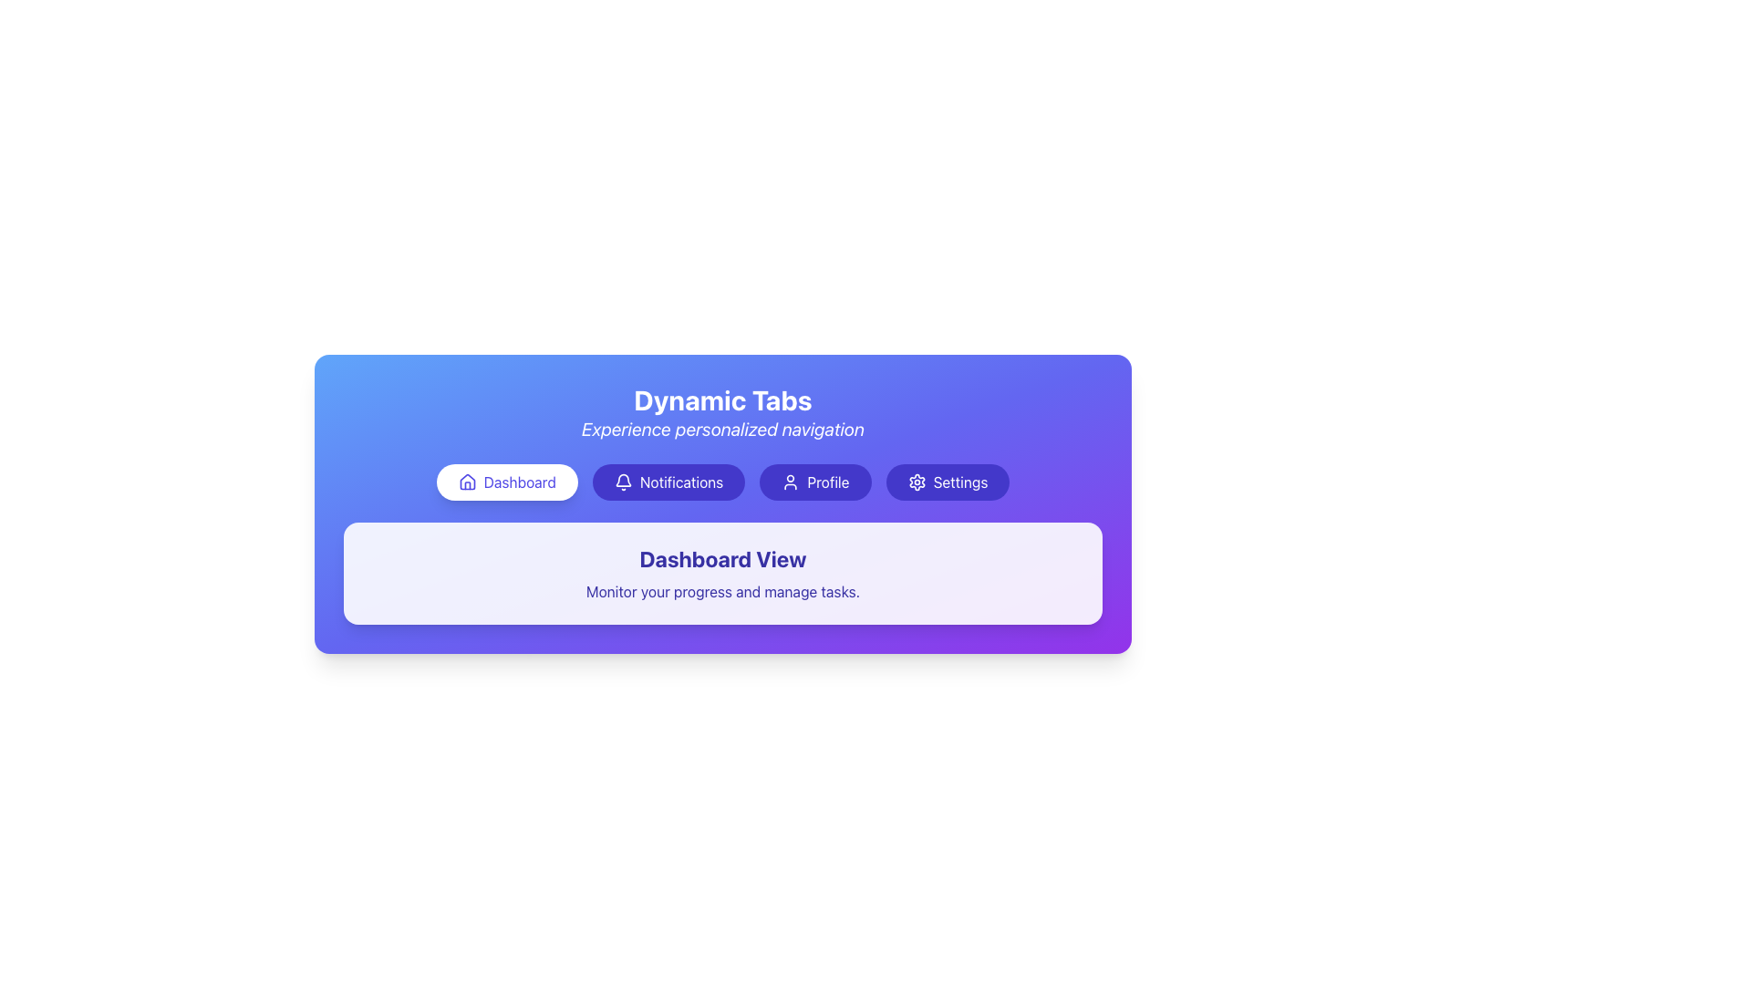 This screenshot has width=1751, height=985. What do you see at coordinates (948, 481) in the screenshot?
I see `the settings button, which is the last button in a horizontal row of tabs` at bounding box center [948, 481].